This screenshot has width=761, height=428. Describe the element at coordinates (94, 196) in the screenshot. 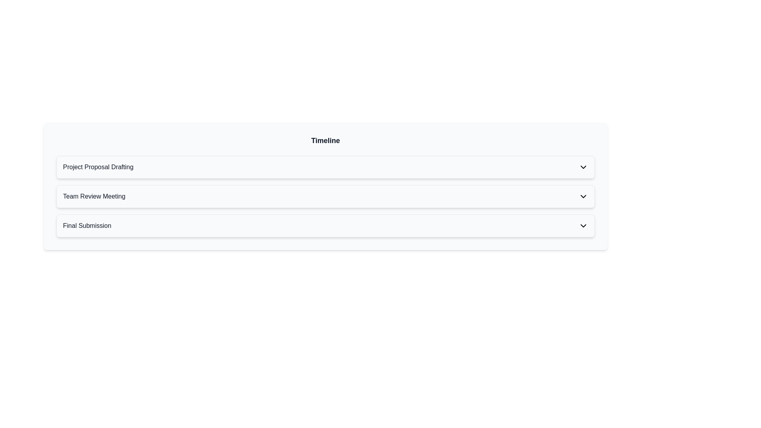

I see `the non-interactive text label that identifies the section in the timeline, positioned between 'Project Proposal Drafting' and 'Final Submission'` at that location.